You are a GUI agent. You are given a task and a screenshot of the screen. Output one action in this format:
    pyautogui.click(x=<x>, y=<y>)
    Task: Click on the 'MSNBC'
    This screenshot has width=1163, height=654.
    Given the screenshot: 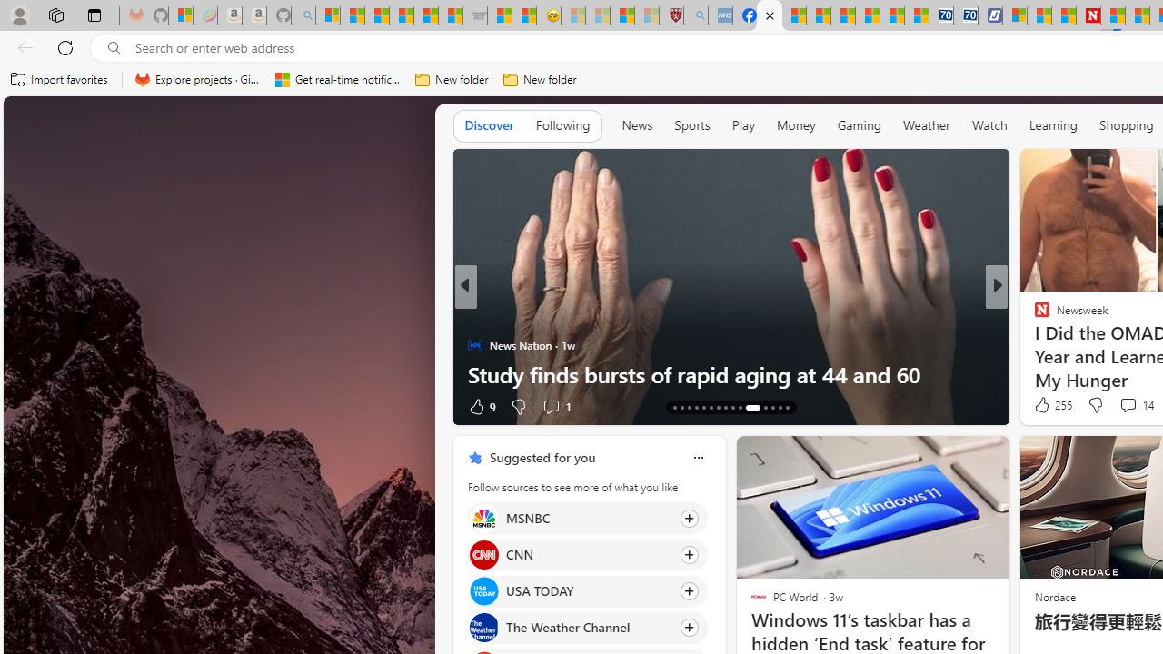 What is the action you would take?
    pyautogui.click(x=483, y=518)
    